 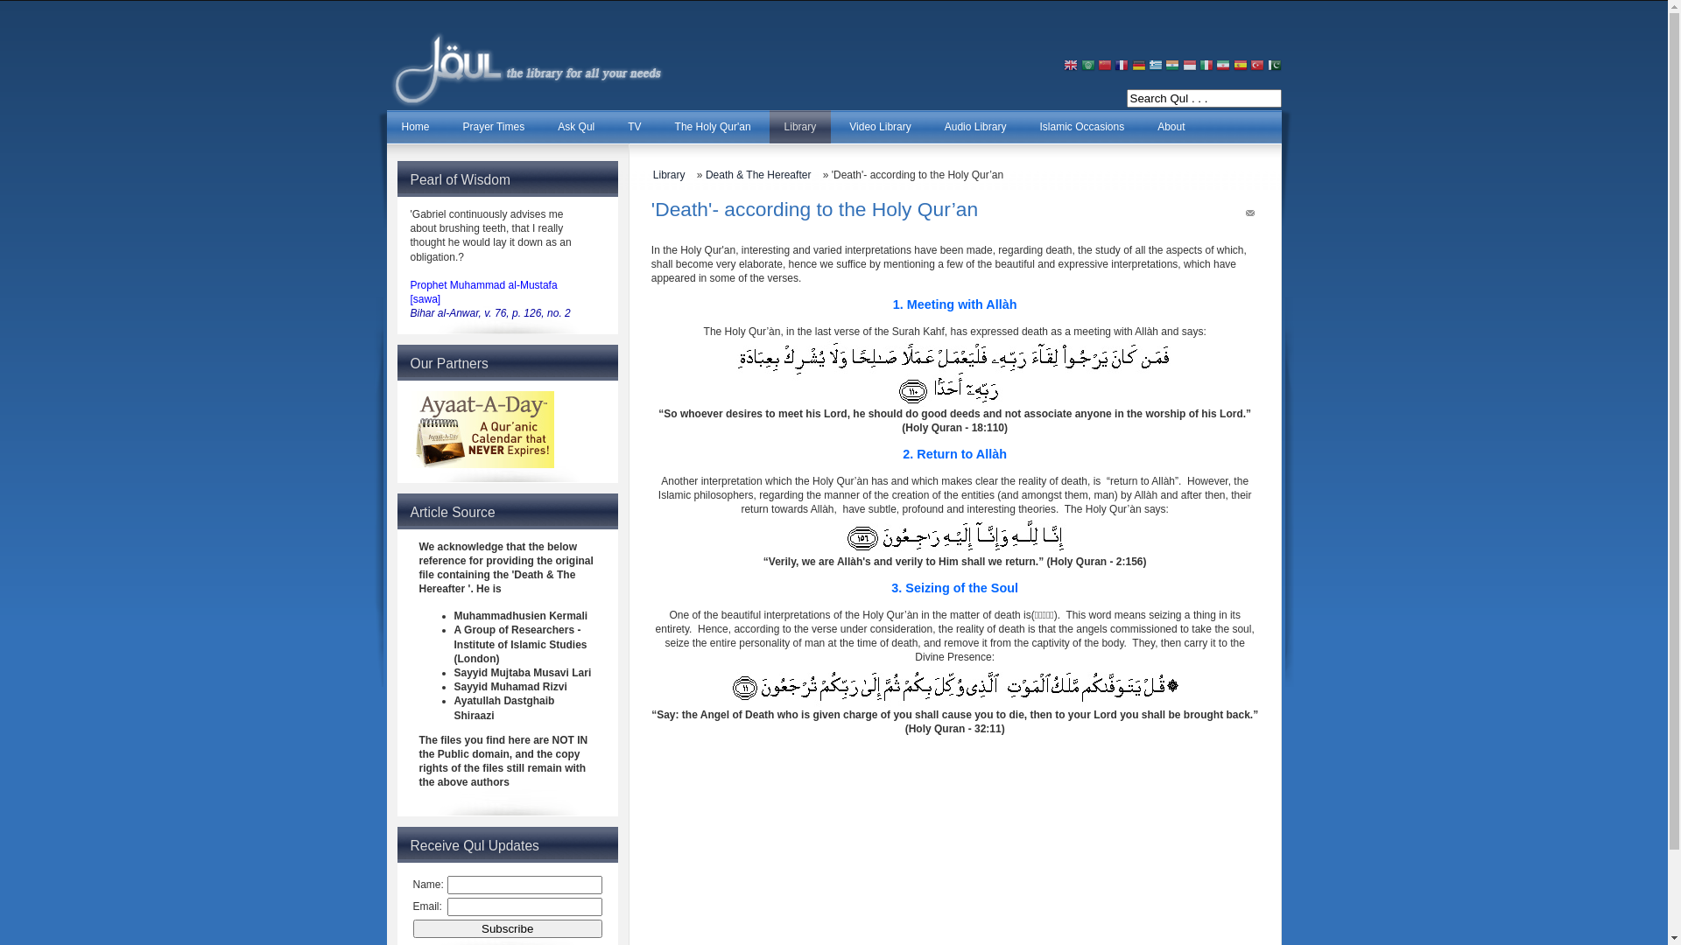 I want to click on 'Arabic', so click(x=1087, y=66).